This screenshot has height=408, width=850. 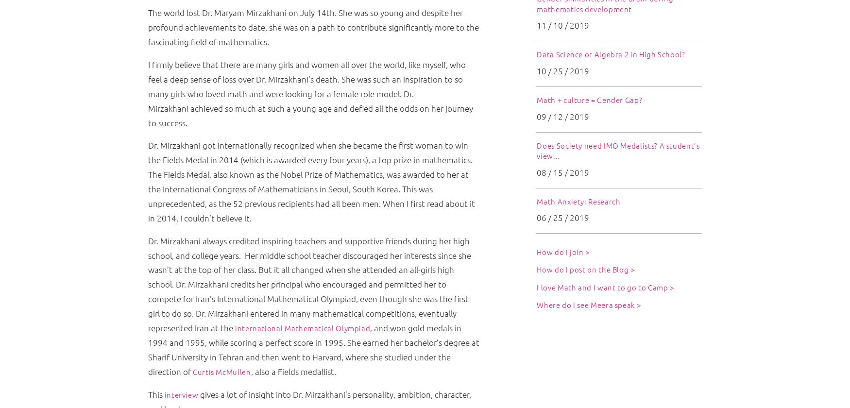 What do you see at coordinates (155, 394) in the screenshot?
I see `'This'` at bounding box center [155, 394].